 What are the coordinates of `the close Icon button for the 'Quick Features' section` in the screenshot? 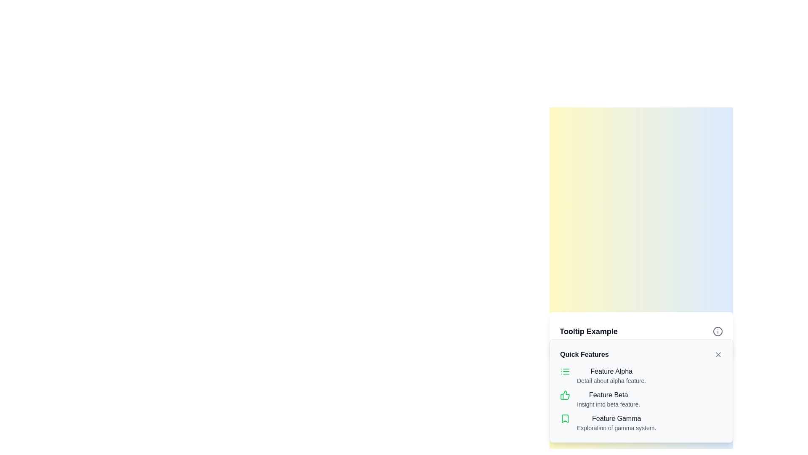 It's located at (718, 354).